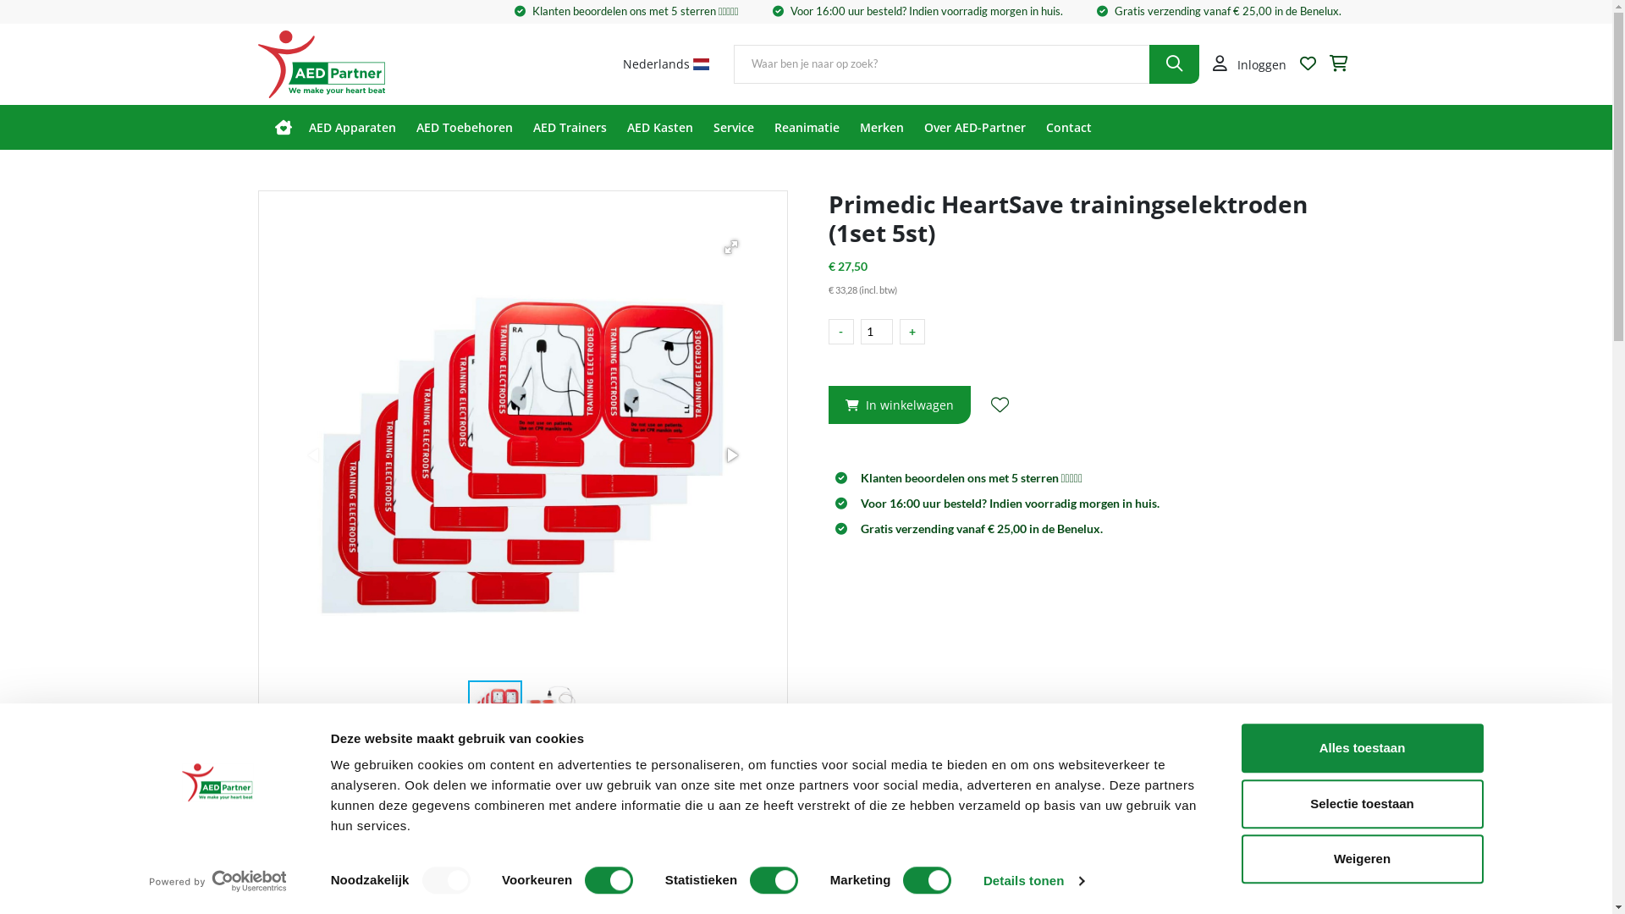  Describe the element at coordinates (983, 880) in the screenshot. I see `'Details tonen'` at that location.